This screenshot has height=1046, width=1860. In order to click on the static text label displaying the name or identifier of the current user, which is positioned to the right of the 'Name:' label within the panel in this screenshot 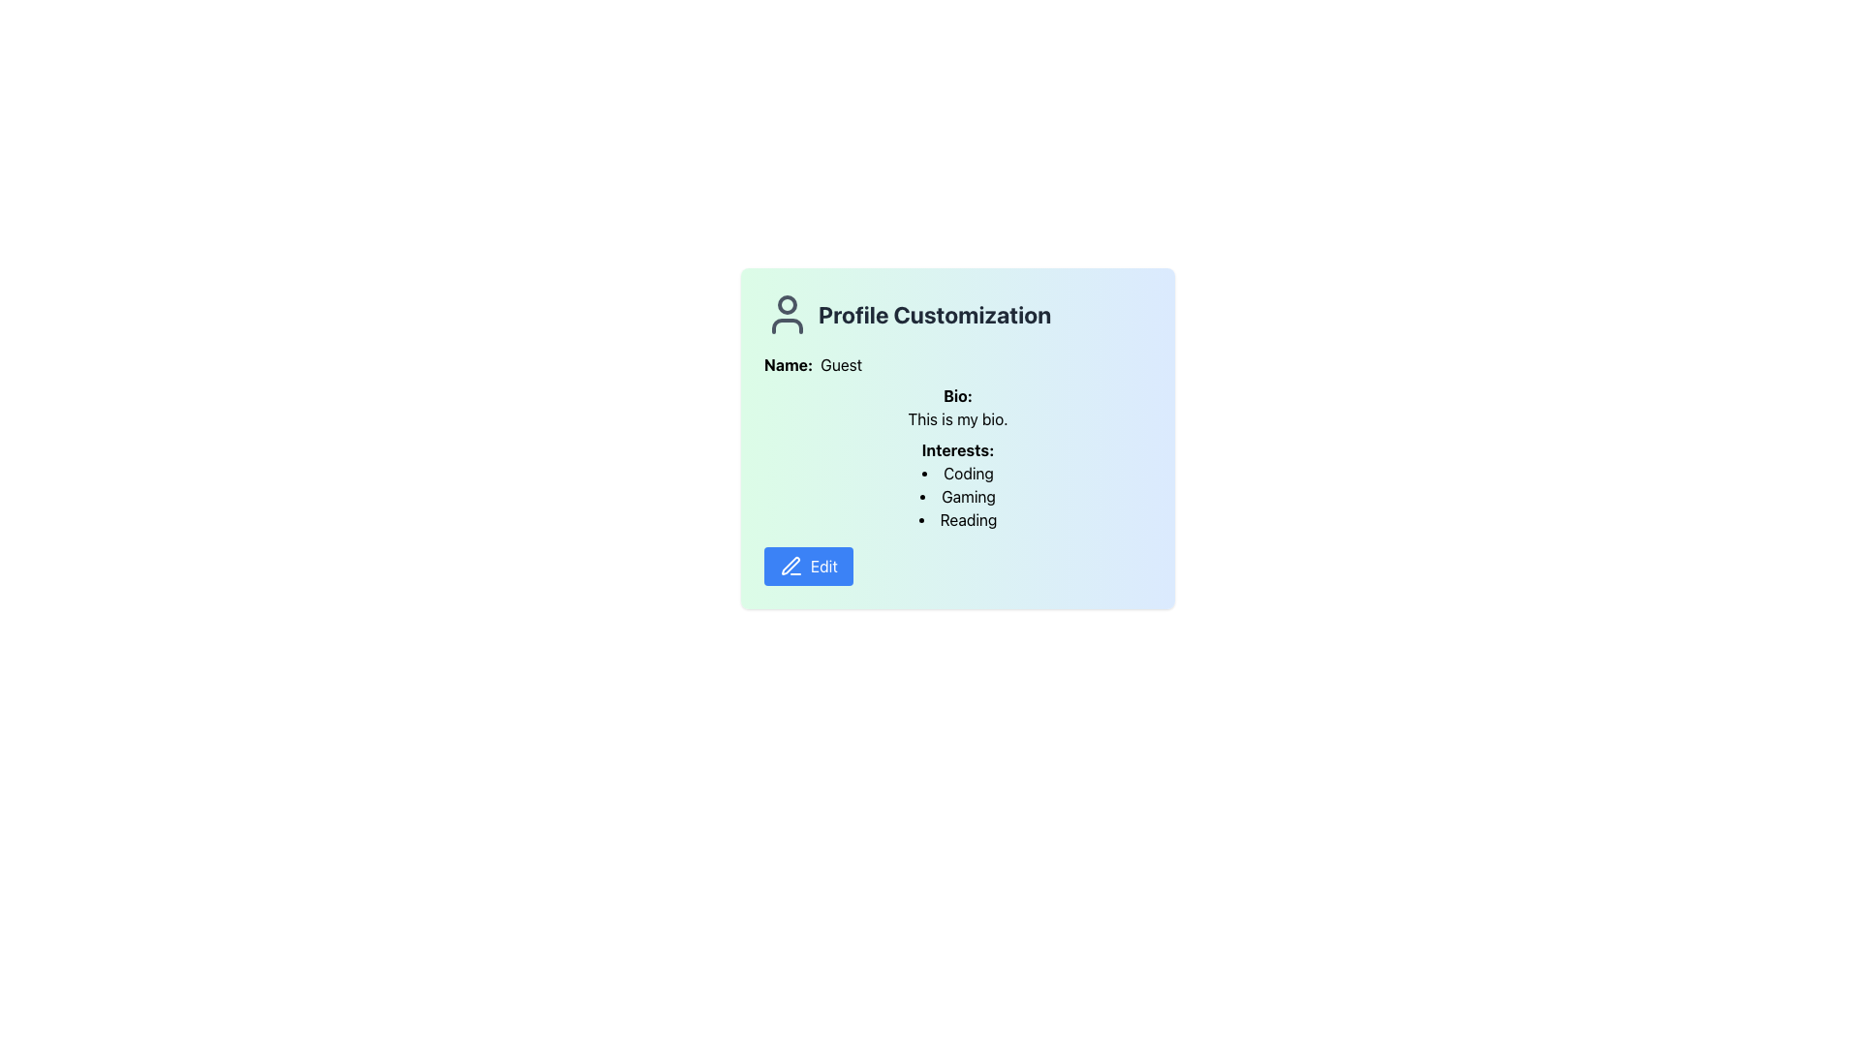, I will do `click(841, 365)`.